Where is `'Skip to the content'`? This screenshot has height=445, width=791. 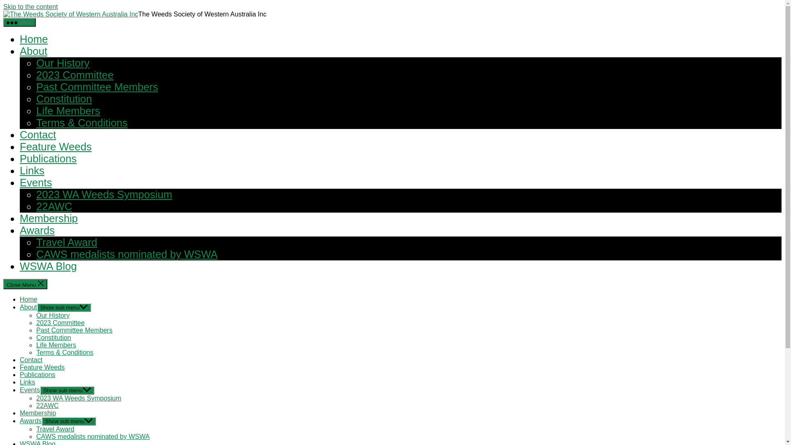
'Skip to the content' is located at coordinates (30, 7).